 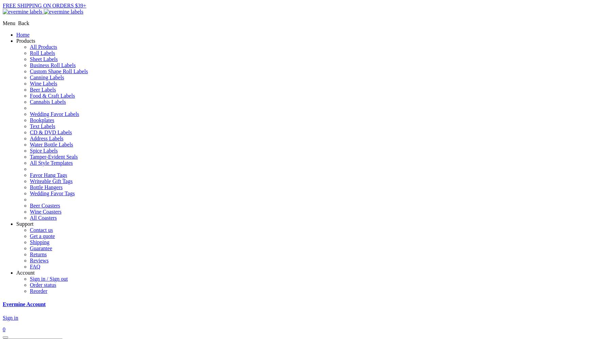 What do you see at coordinates (41, 230) in the screenshot?
I see `'Contact us'` at bounding box center [41, 230].